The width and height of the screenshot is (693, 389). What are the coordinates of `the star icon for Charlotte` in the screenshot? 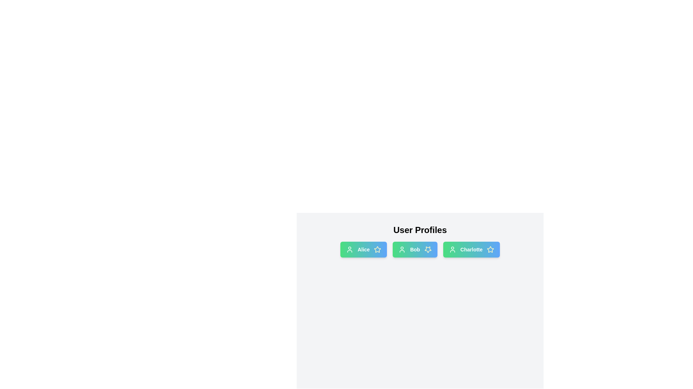 It's located at (490, 249).